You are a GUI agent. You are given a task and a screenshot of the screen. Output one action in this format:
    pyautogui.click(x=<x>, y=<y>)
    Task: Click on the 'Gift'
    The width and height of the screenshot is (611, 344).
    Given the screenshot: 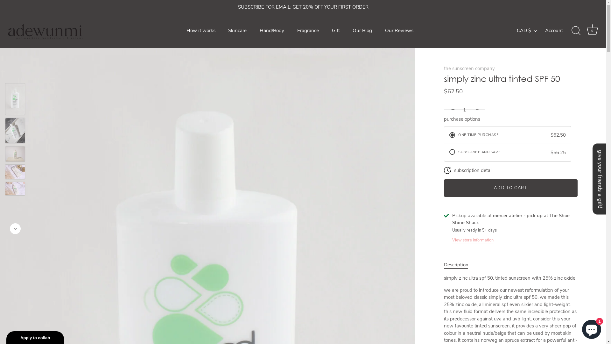 What is the action you would take?
    pyautogui.click(x=335, y=31)
    